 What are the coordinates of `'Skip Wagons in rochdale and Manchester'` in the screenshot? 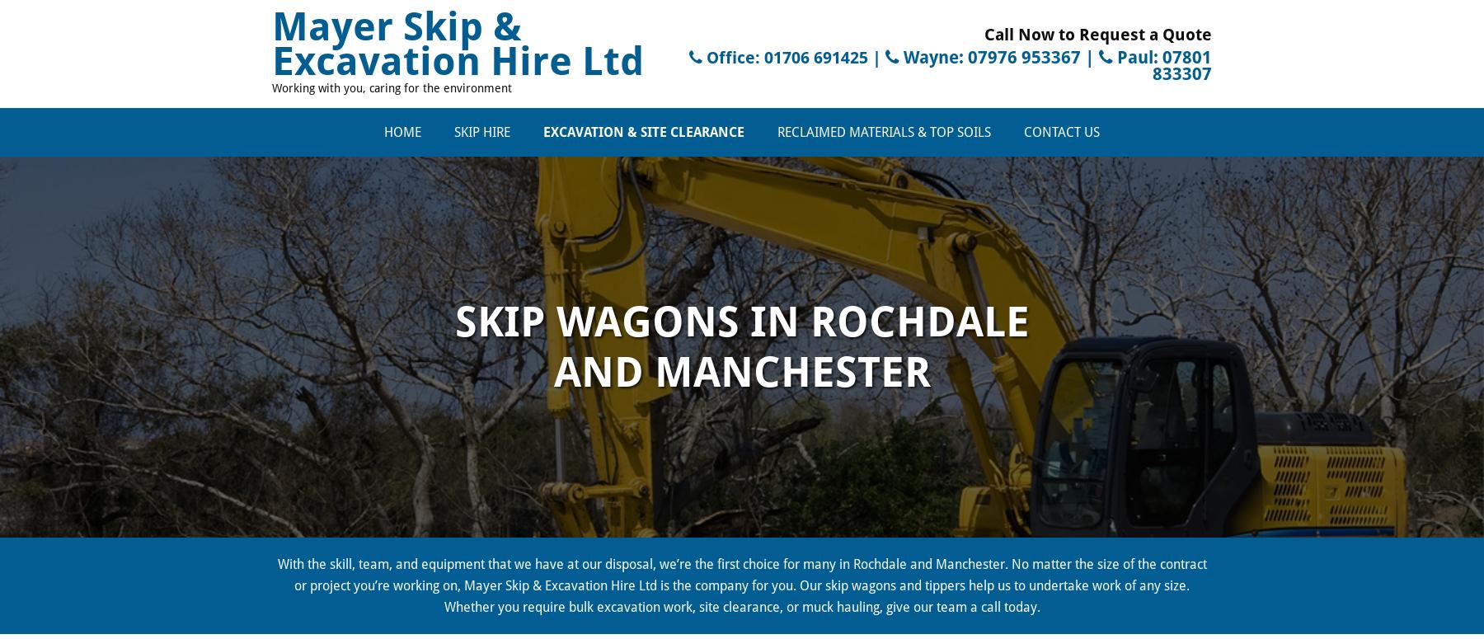 It's located at (741, 345).